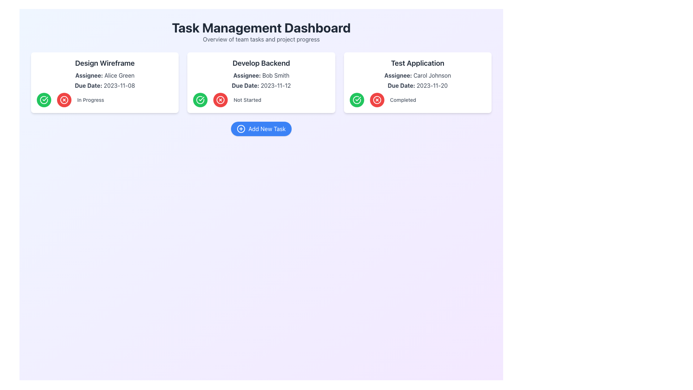  I want to click on label displaying 'Due Date:' in bold dark blue font, located prominently to the left of the date value '2023-11-08' within the card layout, so click(88, 85).